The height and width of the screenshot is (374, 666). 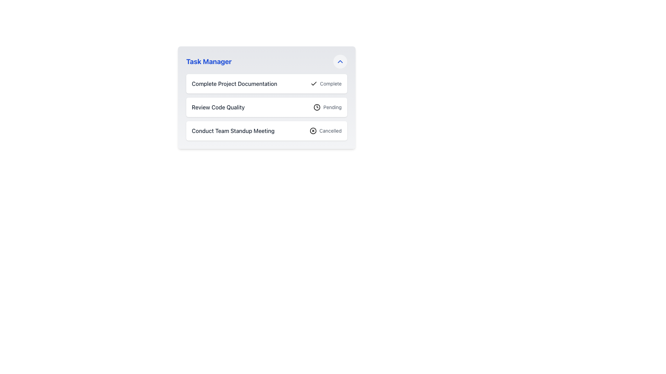 I want to click on the circular icon base that serves as the background for the cancel/cross icon, indicating a negative status, located at the lower right corner of the 'Conduct Team Standup Meeting' task entry in the Task Manager interface, so click(x=313, y=131).